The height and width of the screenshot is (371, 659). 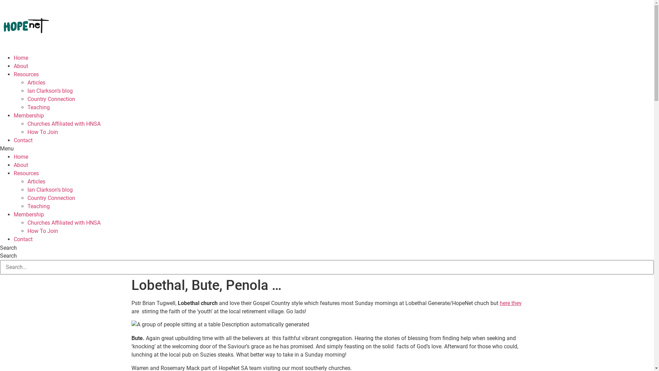 I want to click on 'About', so click(x=21, y=66).